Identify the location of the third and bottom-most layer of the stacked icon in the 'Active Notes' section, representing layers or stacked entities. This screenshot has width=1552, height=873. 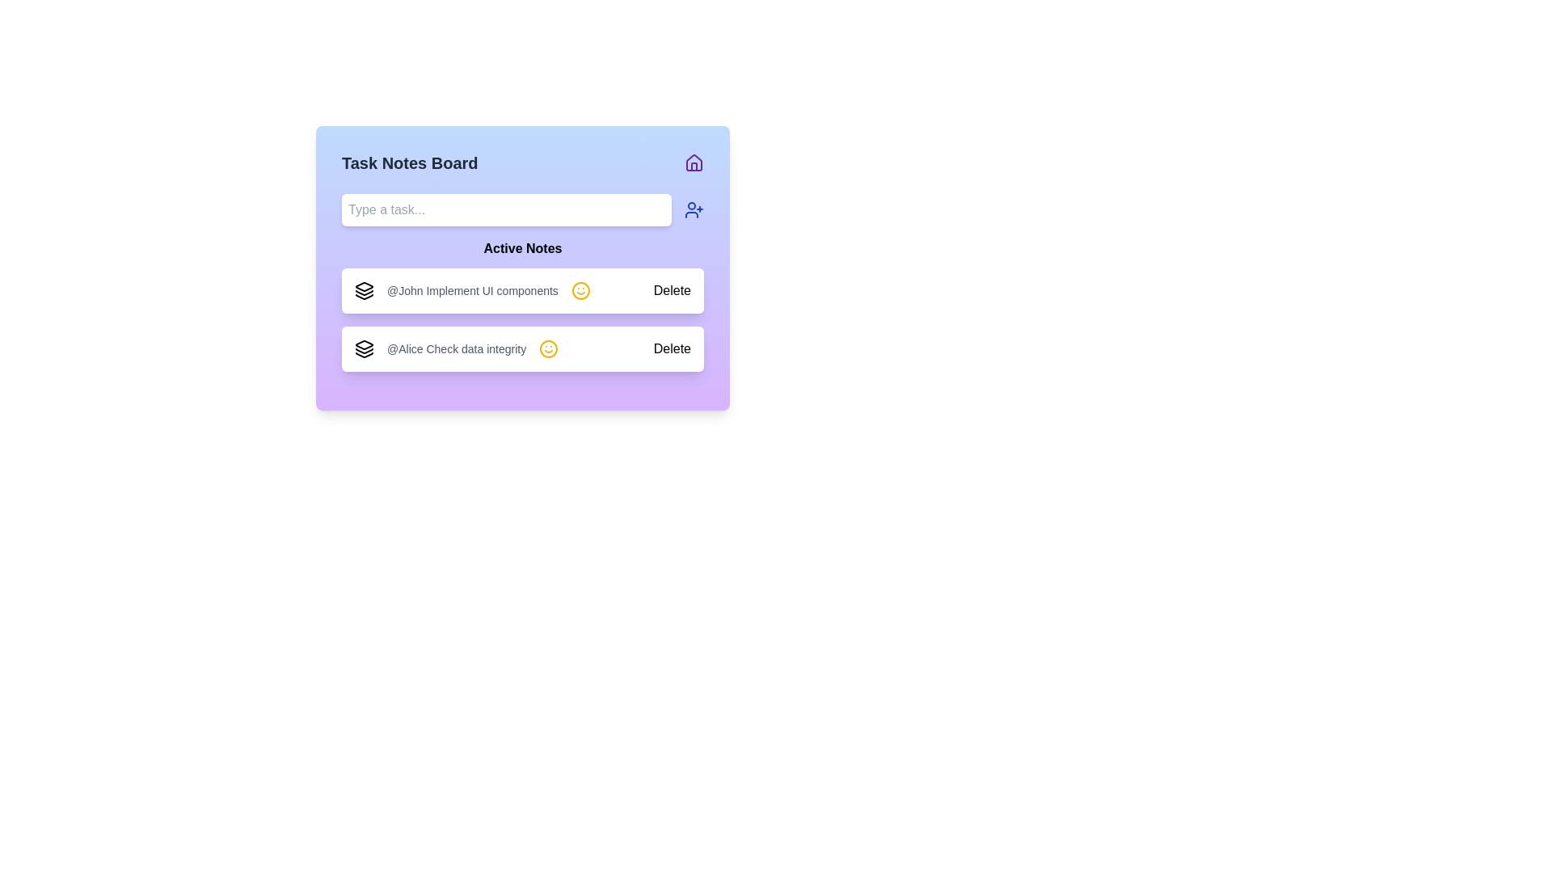
(364, 354).